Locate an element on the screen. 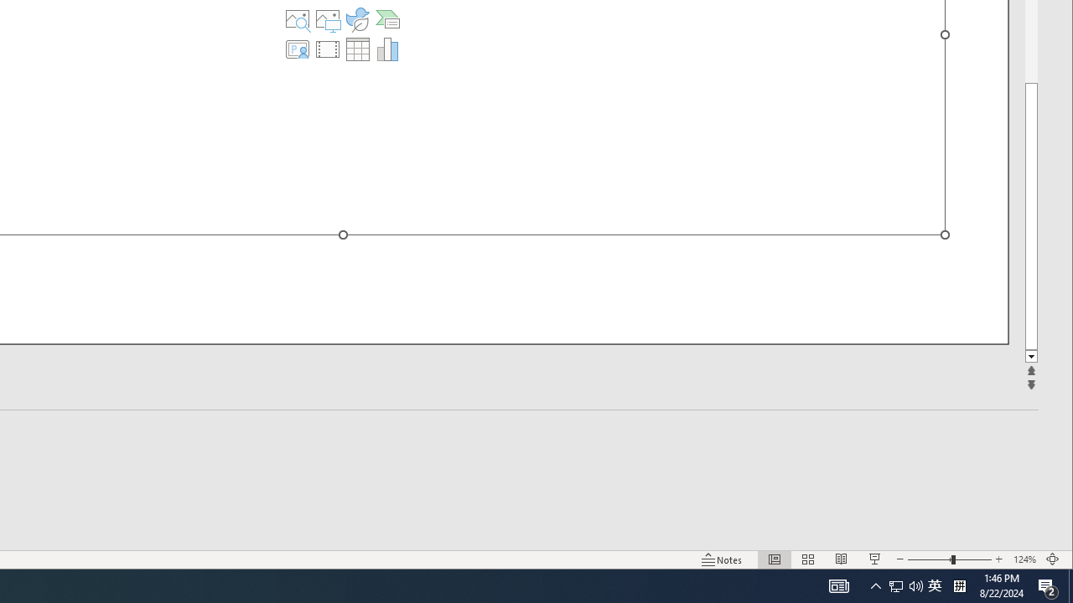 Image resolution: width=1073 pixels, height=603 pixels. 'Pictures' is located at coordinates (328, 19).